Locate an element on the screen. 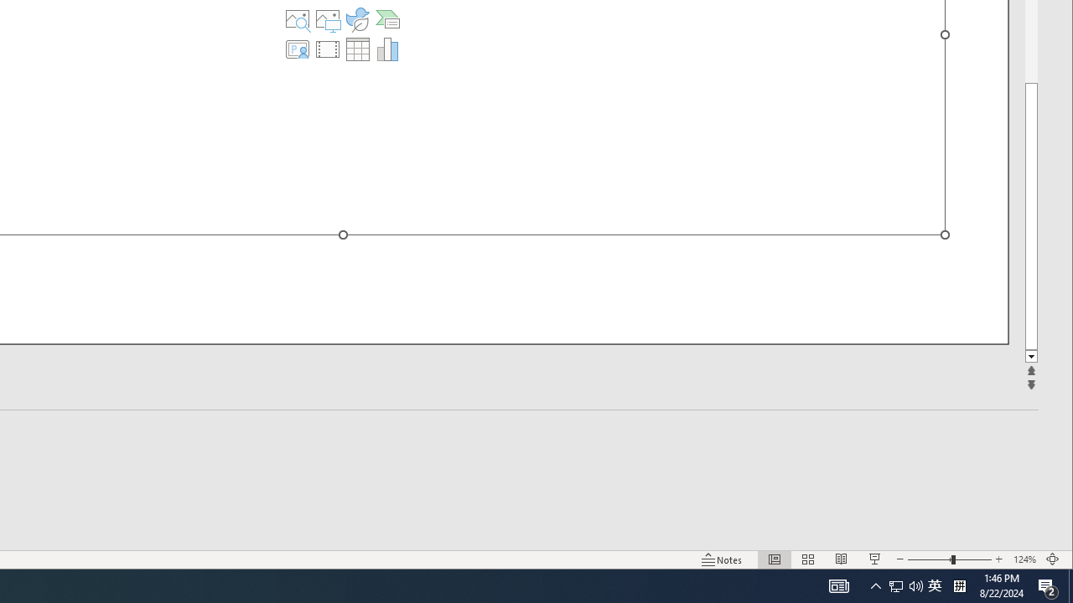 Image resolution: width=1073 pixels, height=603 pixels. 'Pictures' is located at coordinates (328, 19).